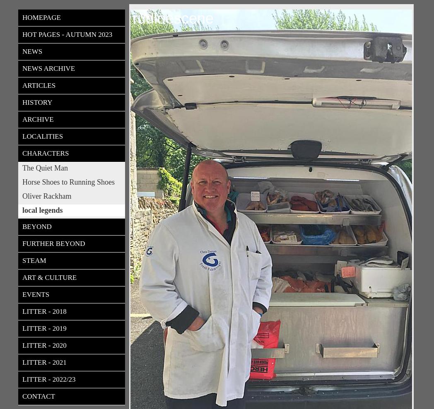 Image resolution: width=434 pixels, height=409 pixels. What do you see at coordinates (41, 17) in the screenshot?
I see `'Homepage'` at bounding box center [41, 17].